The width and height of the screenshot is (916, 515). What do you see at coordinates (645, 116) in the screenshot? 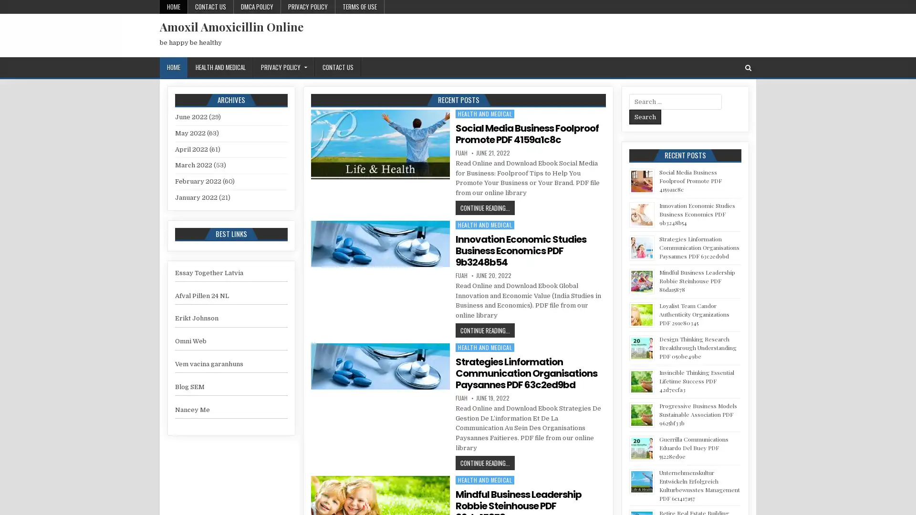
I see `Search` at bounding box center [645, 116].